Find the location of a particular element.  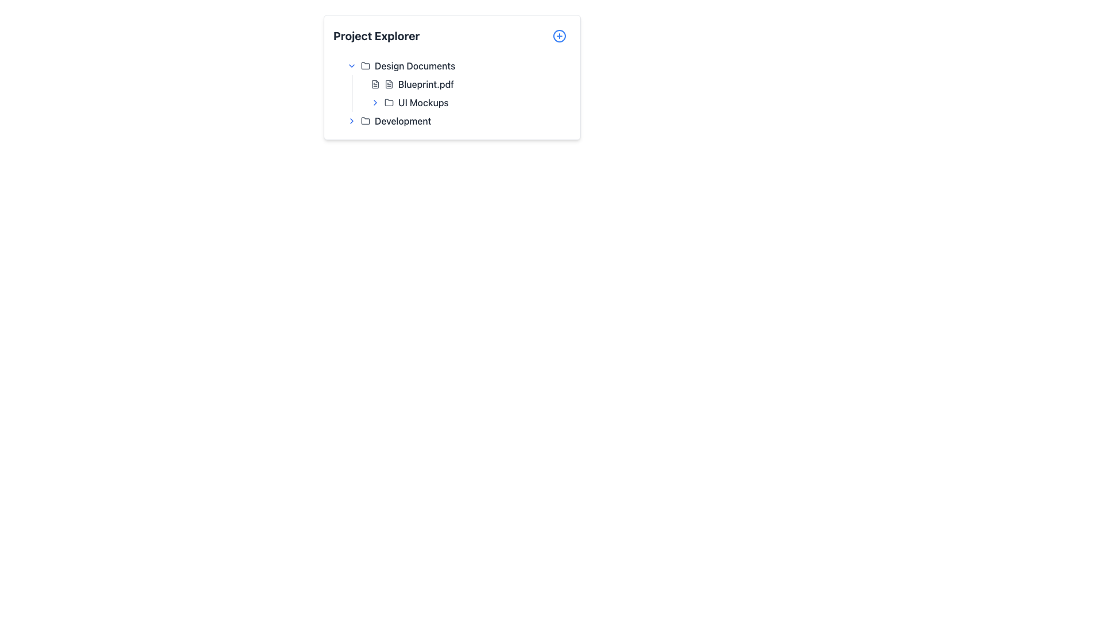

the selectable text label for the 'Design Documents' folder located in the 'Project Explorer' menu, which is positioned to the right of a folder icon and beneath an expand/collapse arrow is located at coordinates (414, 66).